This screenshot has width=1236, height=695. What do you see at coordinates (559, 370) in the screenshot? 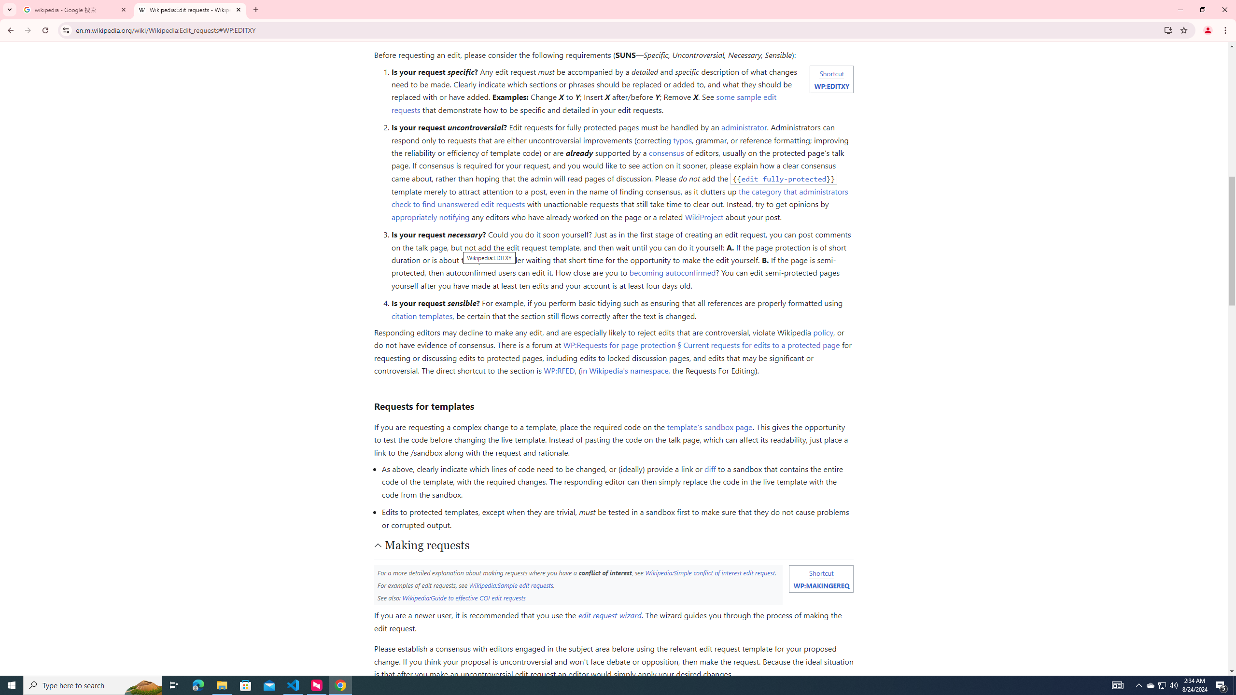
I see `'WP:RFED'` at bounding box center [559, 370].